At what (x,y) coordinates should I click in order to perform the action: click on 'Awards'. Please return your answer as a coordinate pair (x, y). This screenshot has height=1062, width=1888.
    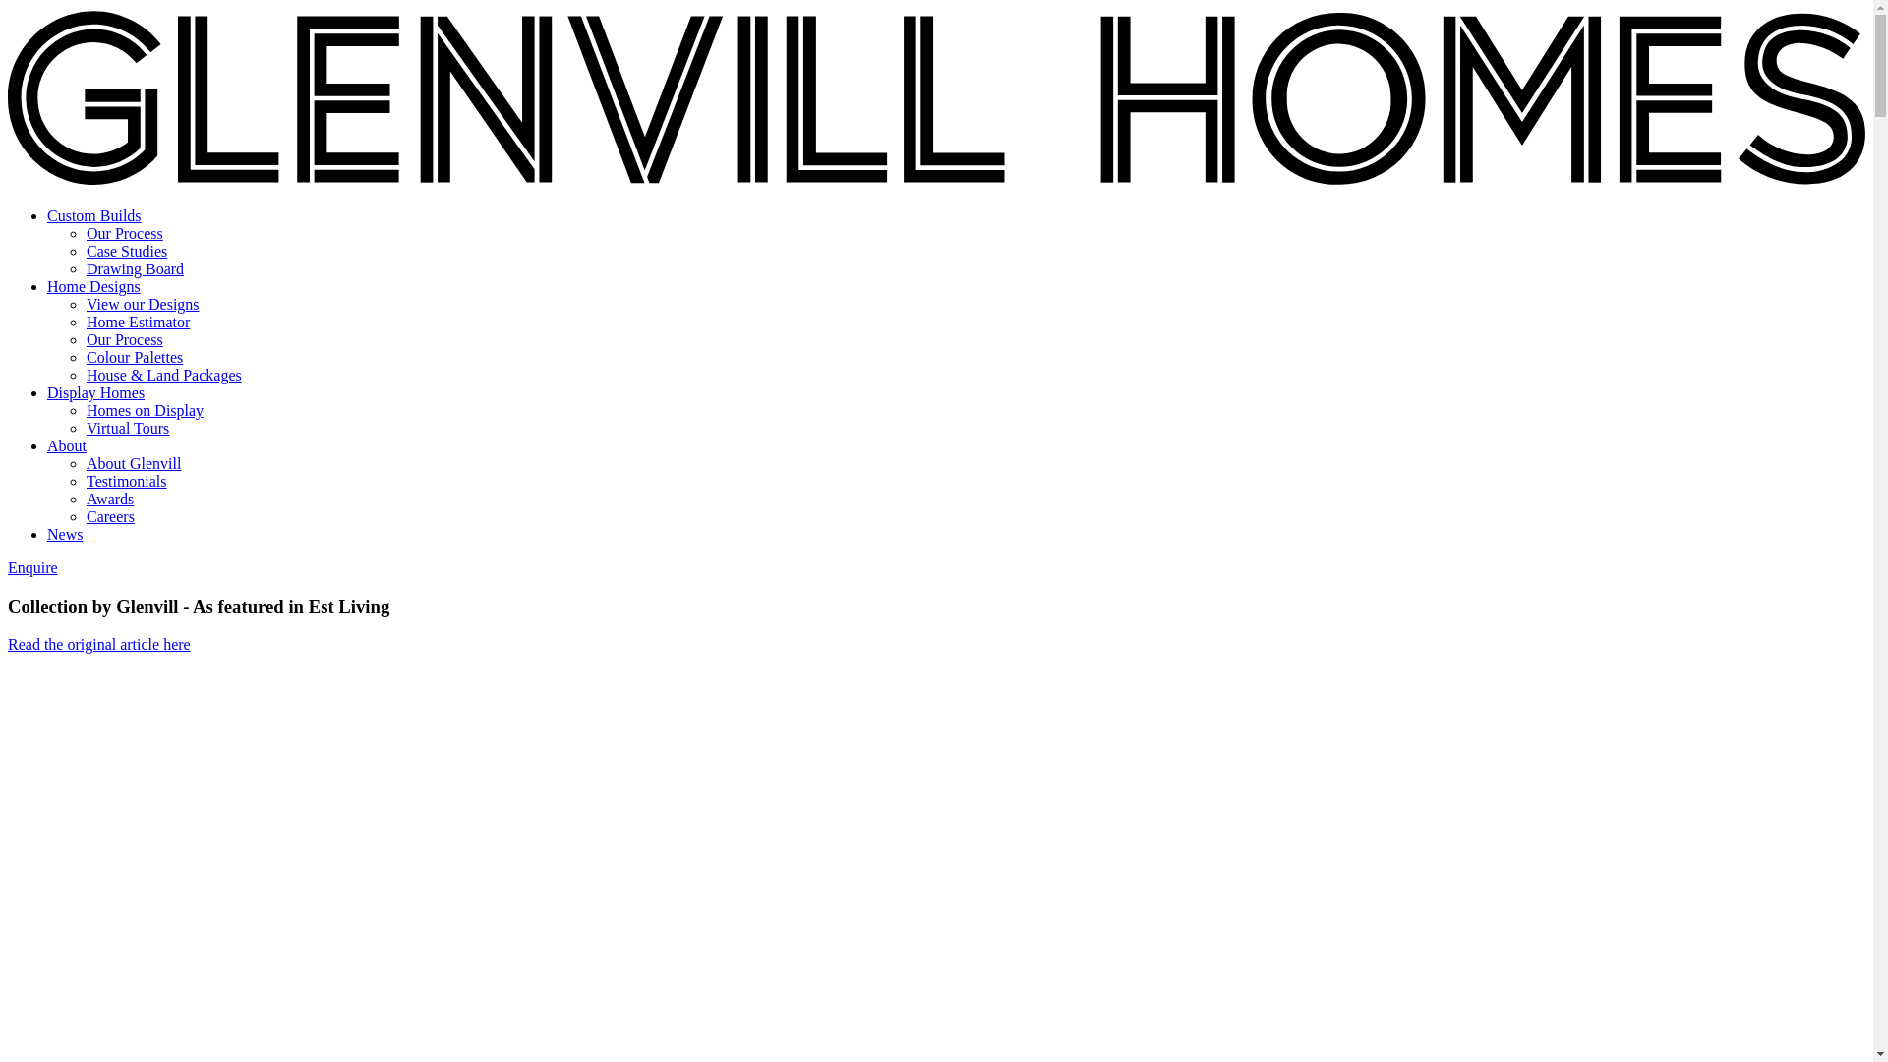
    Looking at the image, I should click on (85, 498).